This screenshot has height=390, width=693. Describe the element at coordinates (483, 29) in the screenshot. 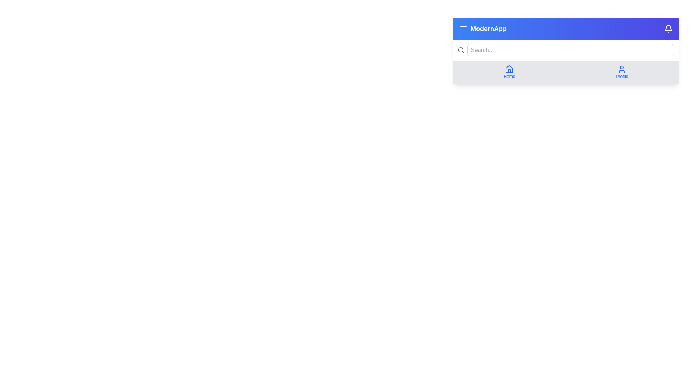

I see `the 'ModernApp' text label located in the top left section of the blue gradient header bar` at that location.